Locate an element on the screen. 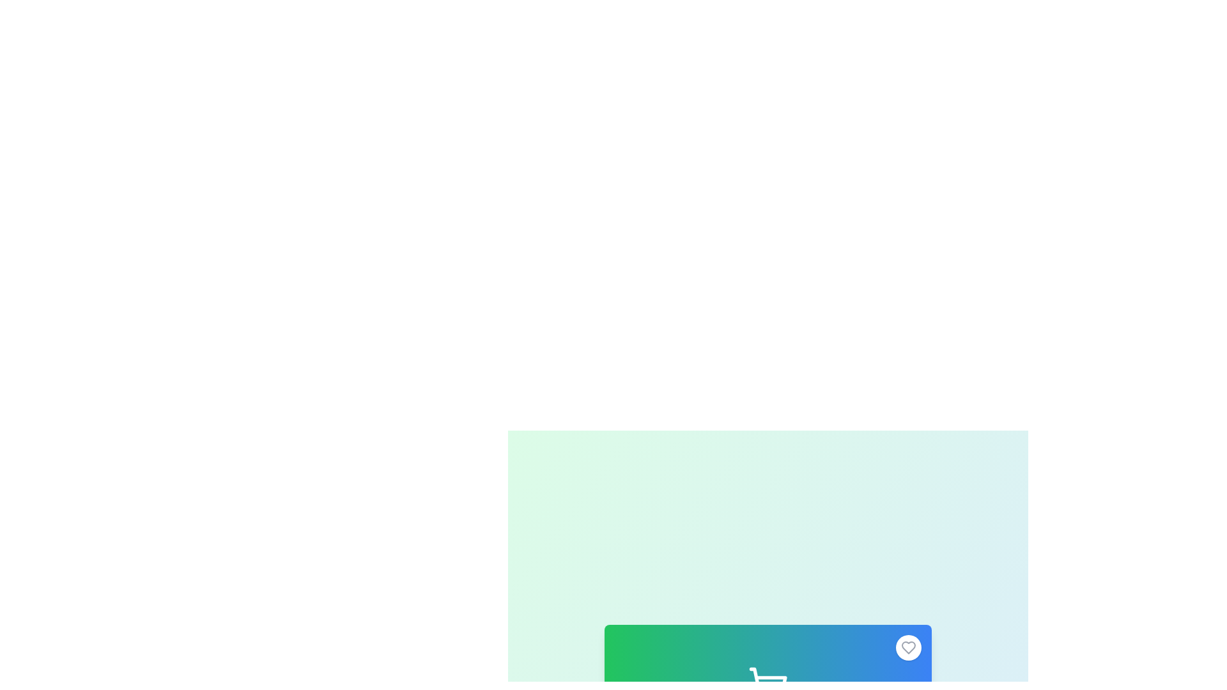 Image resolution: width=1227 pixels, height=690 pixels. the heart-shaped icon used for liking or favoriting items is located at coordinates (907, 648).